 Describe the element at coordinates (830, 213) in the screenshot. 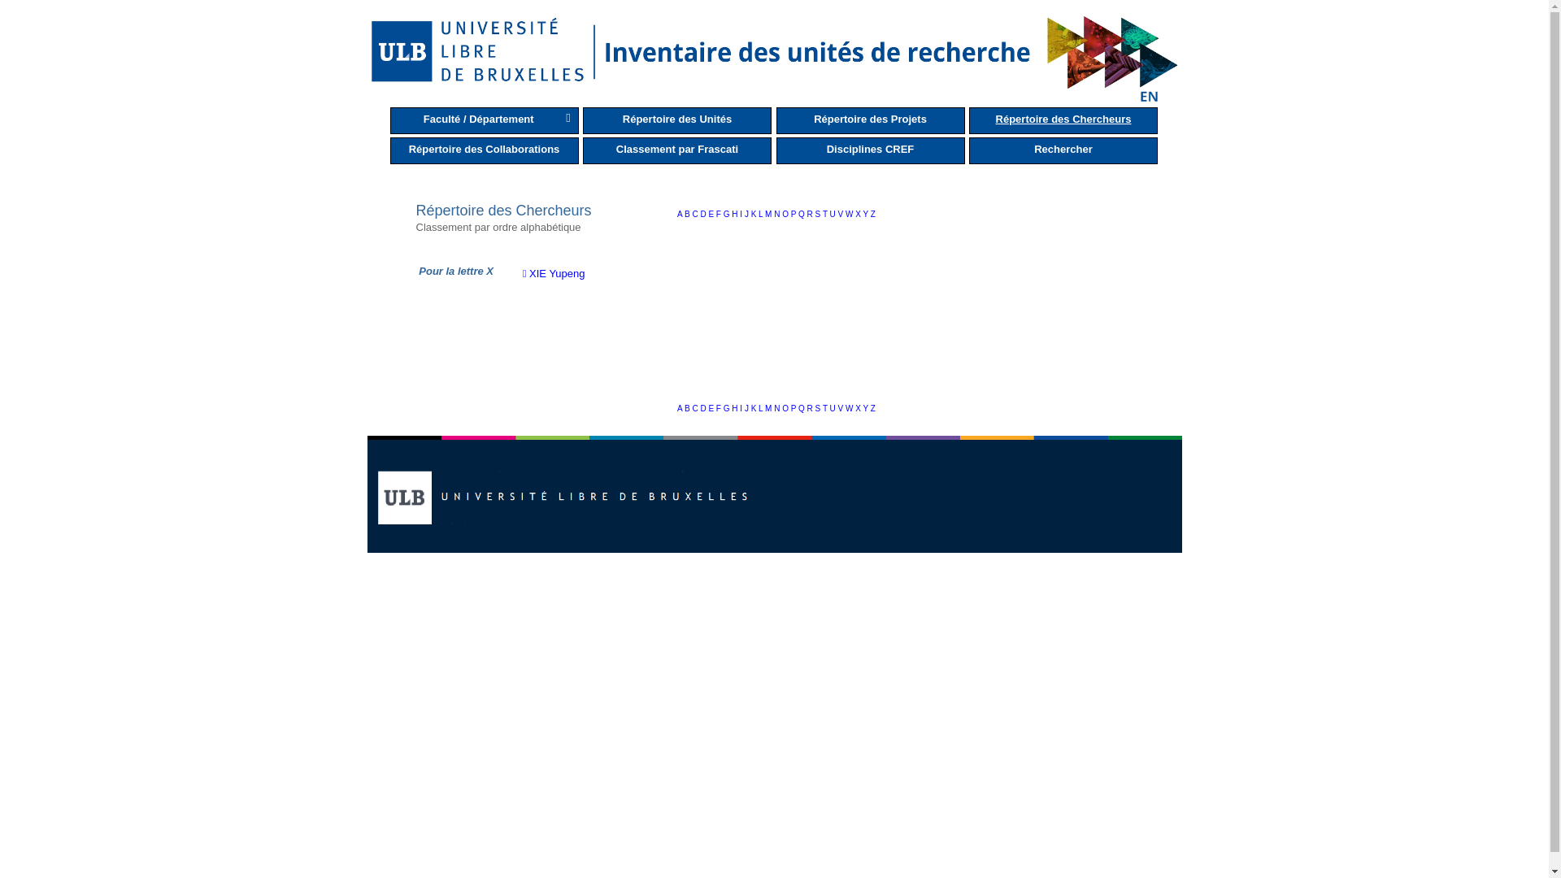

I see `'U'` at that location.